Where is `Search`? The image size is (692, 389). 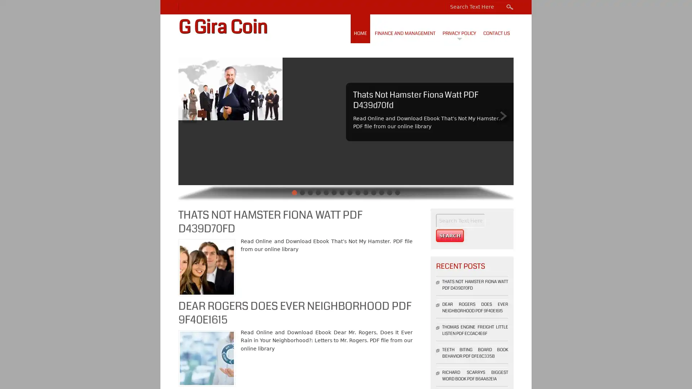
Search is located at coordinates (449, 236).